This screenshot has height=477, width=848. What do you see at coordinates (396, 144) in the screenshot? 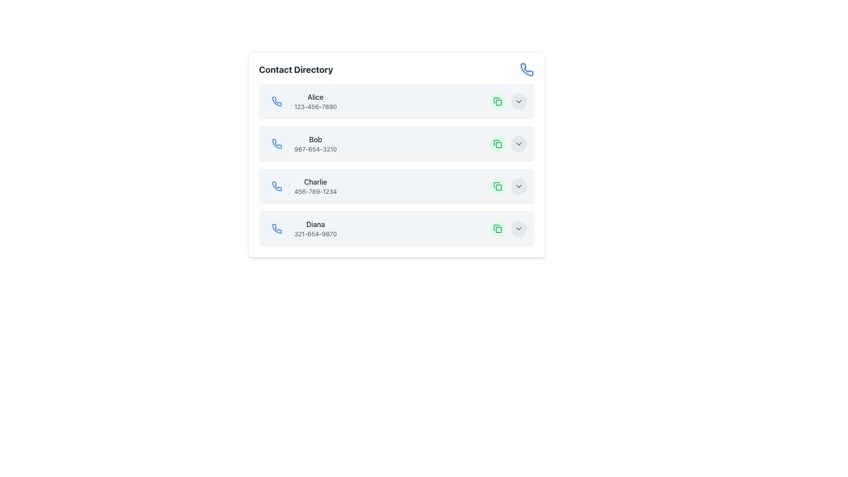
I see `the Contact display card for 'Bob', which is the second card in the list under the 'Contact Directory' section, displaying a name in bold and a phone number beneath it` at bounding box center [396, 144].